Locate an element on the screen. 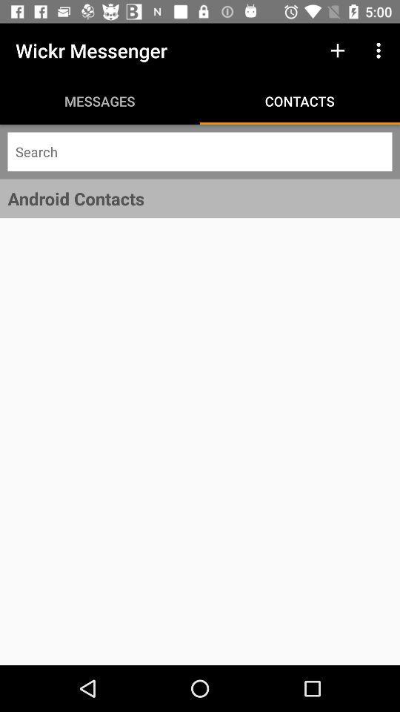 The width and height of the screenshot is (400, 712). icon next to wickr messenger item is located at coordinates (337, 50).